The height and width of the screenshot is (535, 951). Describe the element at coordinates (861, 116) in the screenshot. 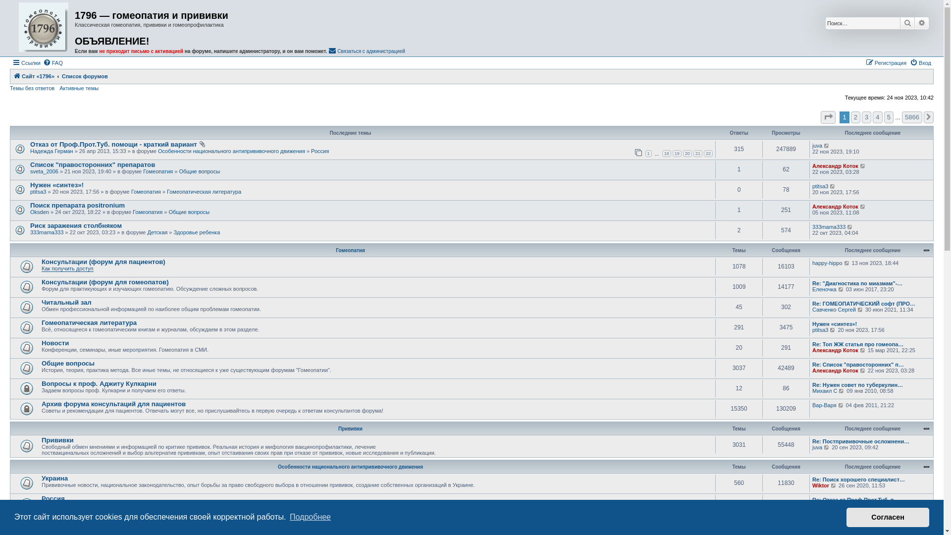

I see `'3'` at that location.